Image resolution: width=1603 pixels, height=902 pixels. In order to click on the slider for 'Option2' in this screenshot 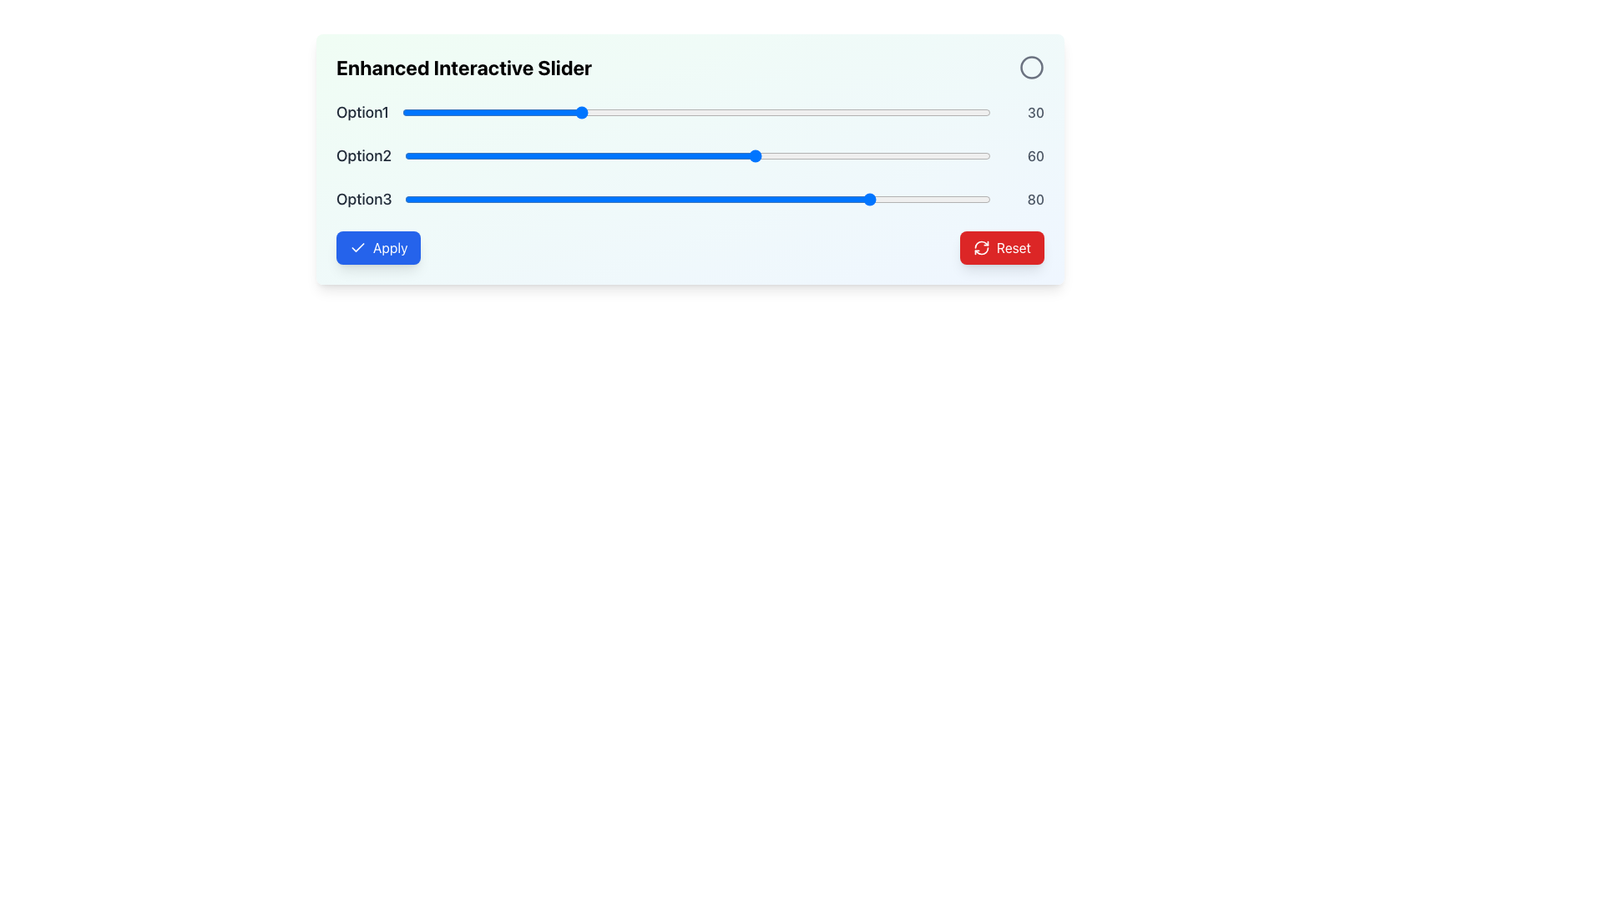, I will do `click(721, 155)`.